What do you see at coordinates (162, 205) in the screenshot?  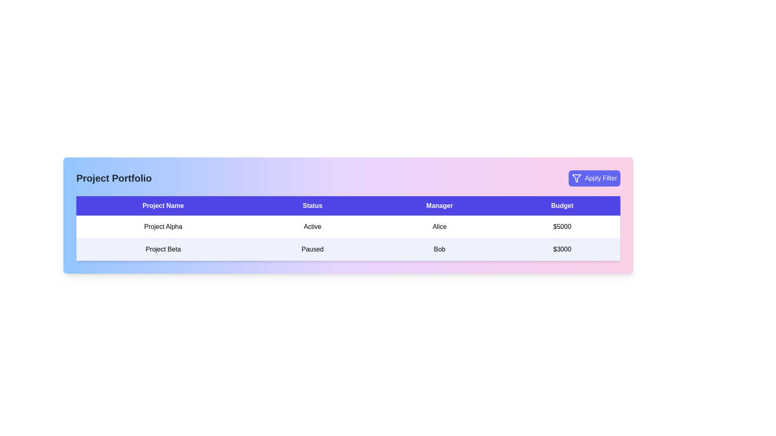 I see `the 'Project Name' table header cell with a purple background and white bold text` at bounding box center [162, 205].